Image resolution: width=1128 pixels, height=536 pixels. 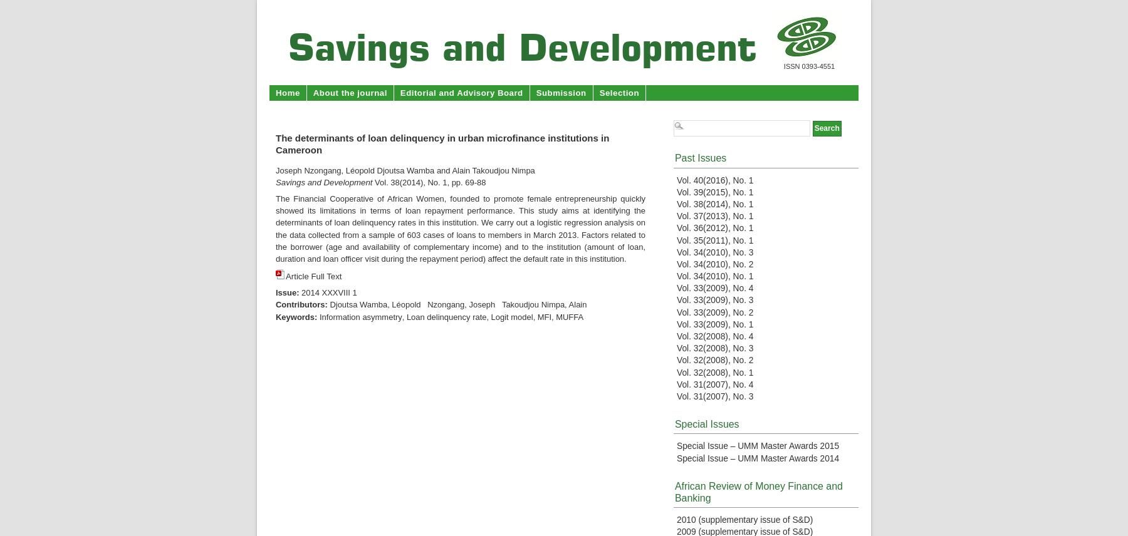 What do you see at coordinates (714, 240) in the screenshot?
I see `'Vol. 35(2011), No. 1'` at bounding box center [714, 240].